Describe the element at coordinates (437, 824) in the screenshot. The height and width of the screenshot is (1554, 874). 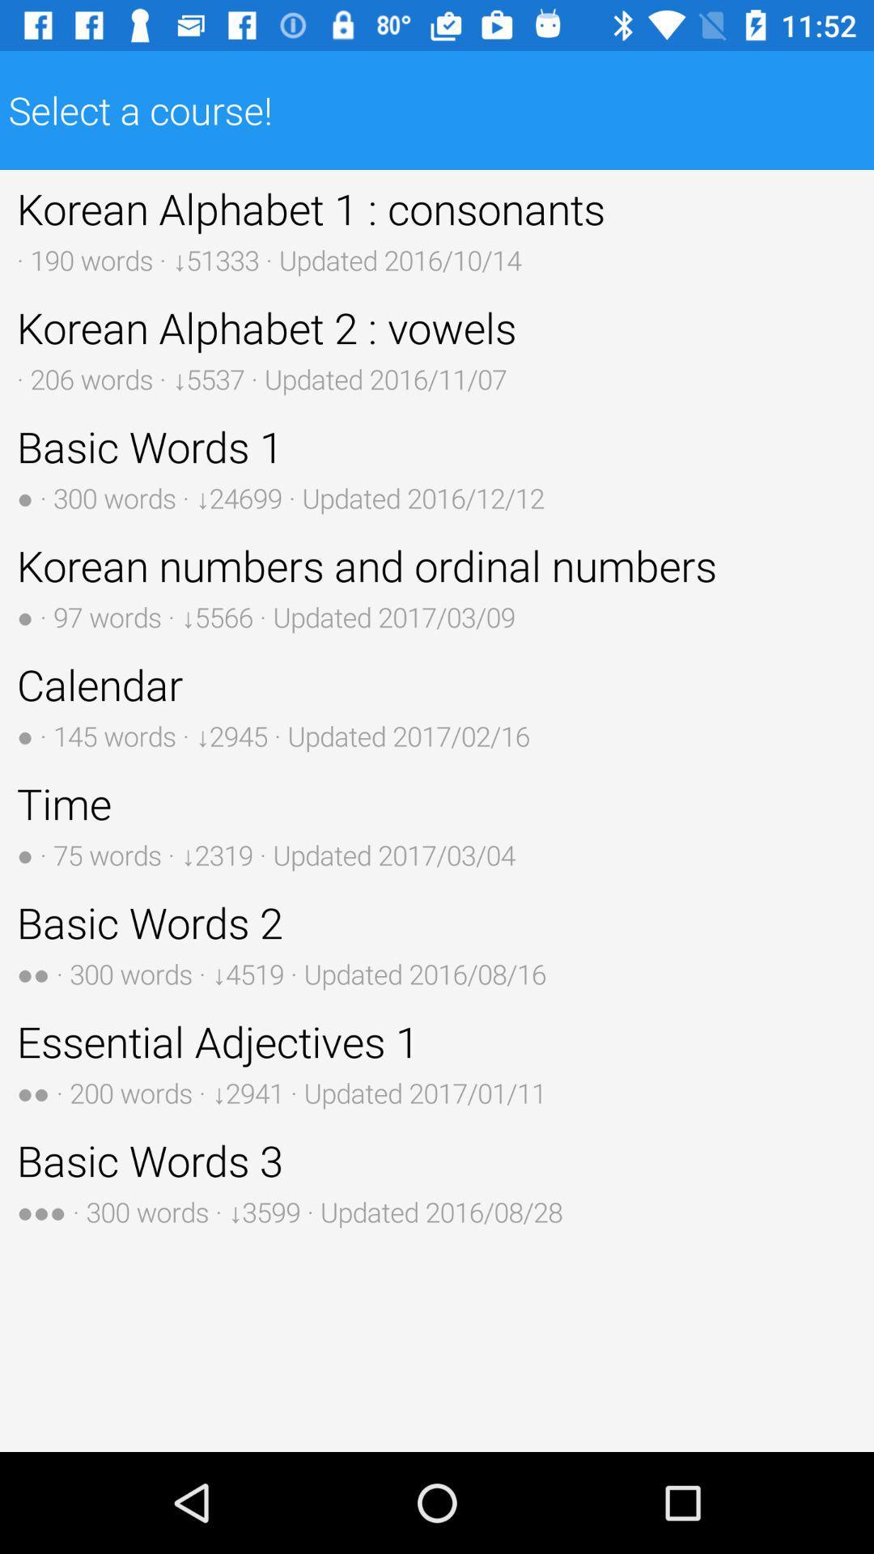
I see `item above basic words 2 item` at that location.